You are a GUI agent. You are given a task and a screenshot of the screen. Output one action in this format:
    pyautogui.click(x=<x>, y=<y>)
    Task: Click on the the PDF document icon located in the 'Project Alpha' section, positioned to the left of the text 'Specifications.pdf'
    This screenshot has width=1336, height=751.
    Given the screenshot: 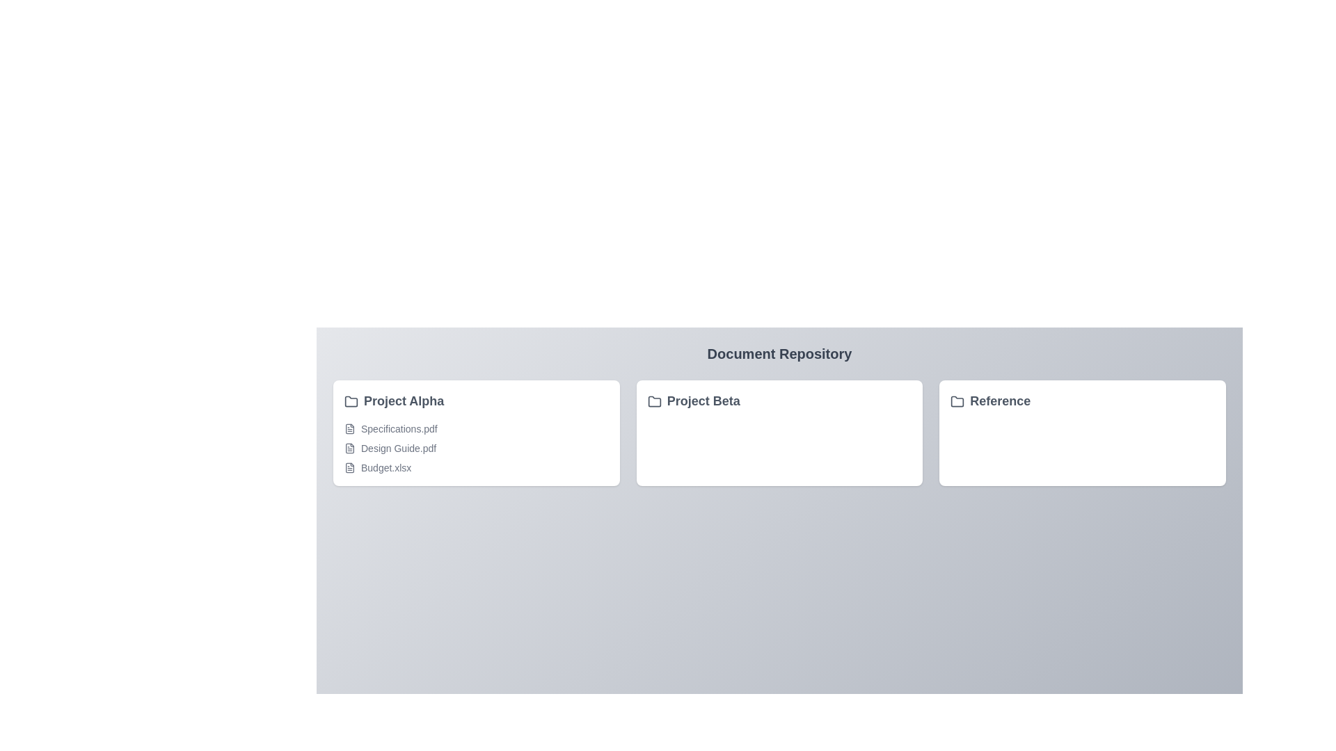 What is the action you would take?
    pyautogui.click(x=350, y=428)
    